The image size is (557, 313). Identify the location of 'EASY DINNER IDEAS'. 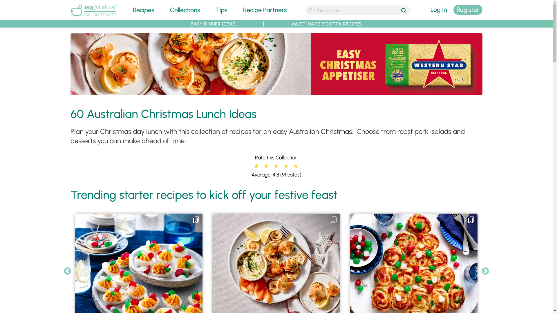
(213, 23).